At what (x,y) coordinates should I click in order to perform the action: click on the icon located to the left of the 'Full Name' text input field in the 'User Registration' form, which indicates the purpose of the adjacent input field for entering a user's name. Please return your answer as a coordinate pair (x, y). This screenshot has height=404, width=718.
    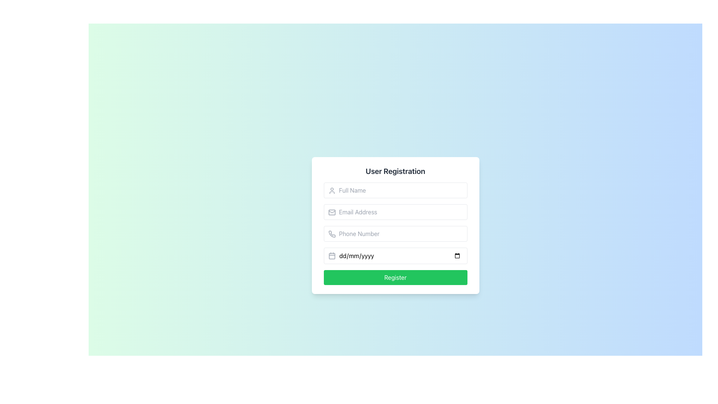
    Looking at the image, I should click on (331, 190).